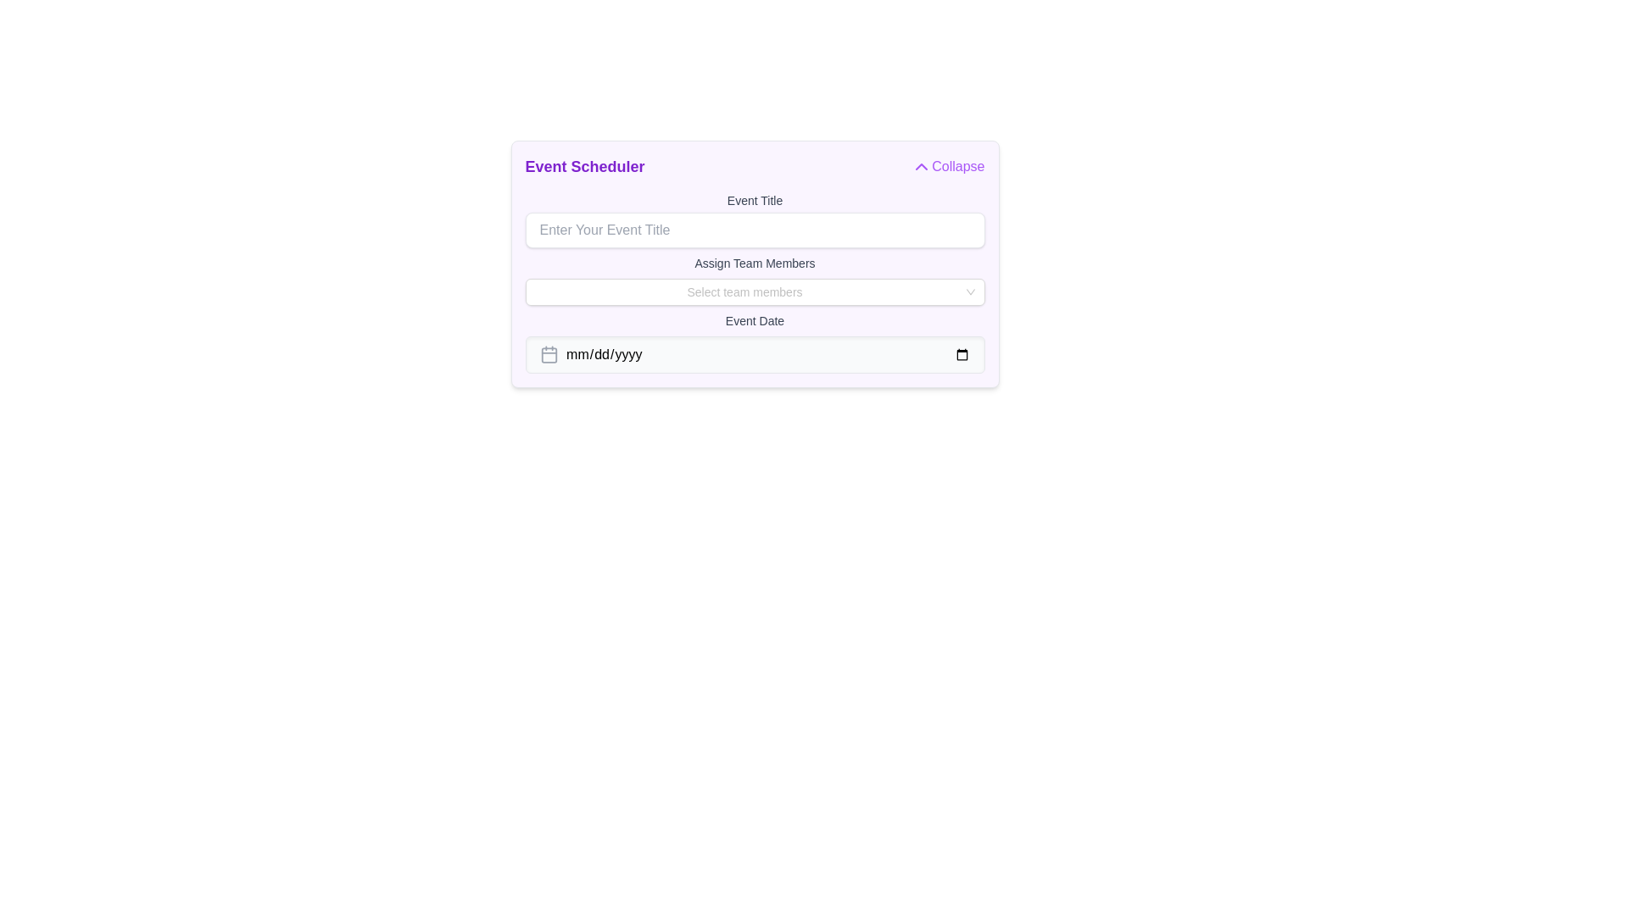 This screenshot has width=1628, height=915. Describe the element at coordinates (536, 291) in the screenshot. I see `the slim vertical Cursor indicator within the 'Assign Team Members' dropdown search field` at that location.